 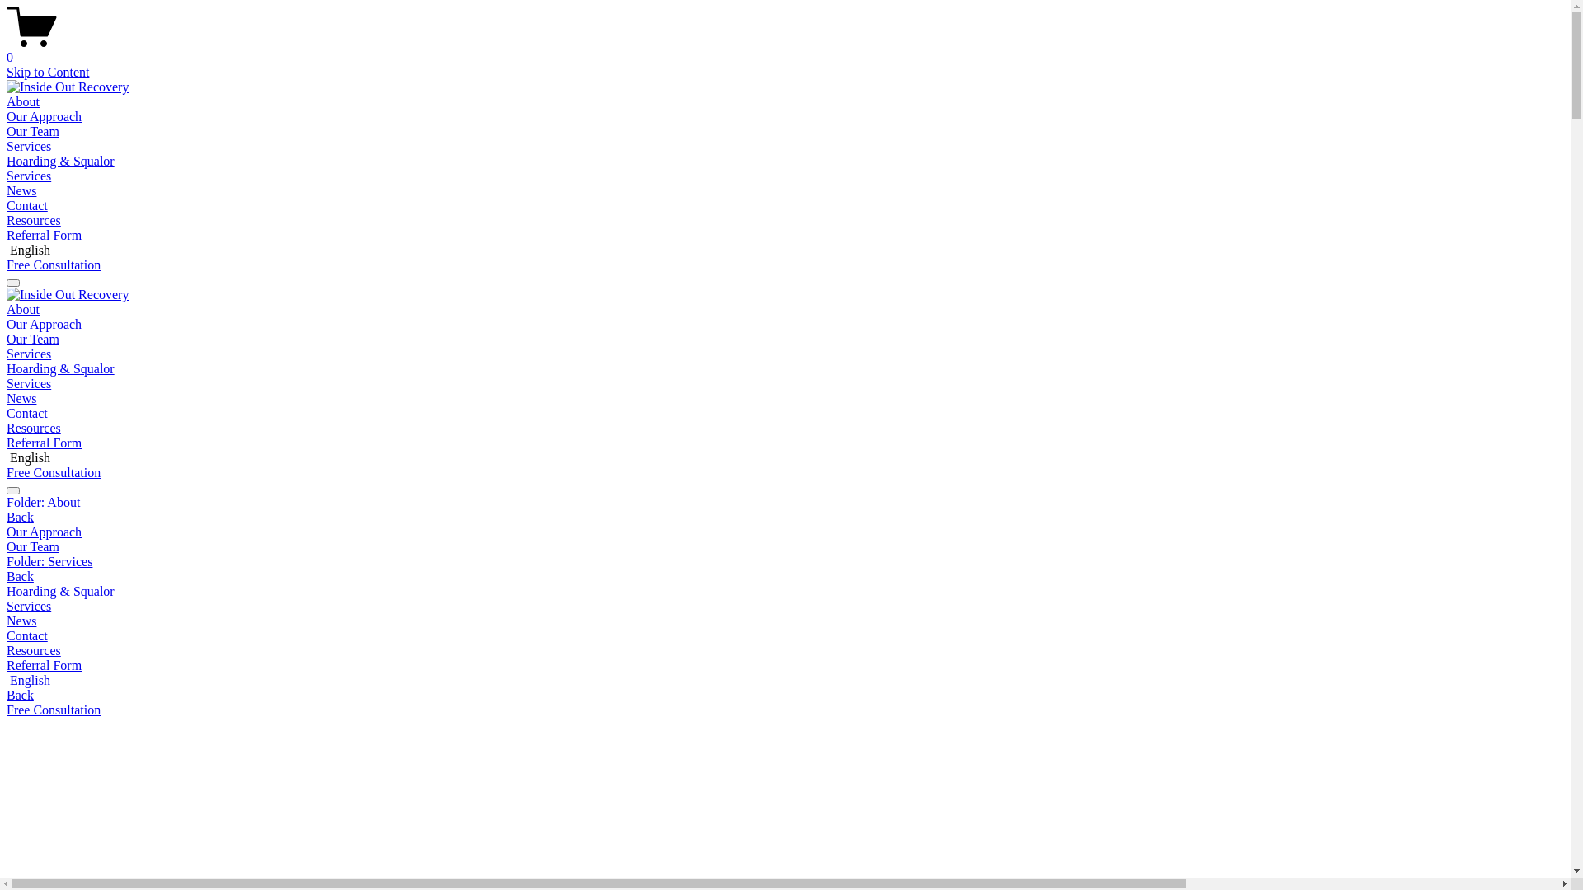 I want to click on 'Services', so click(x=28, y=176).